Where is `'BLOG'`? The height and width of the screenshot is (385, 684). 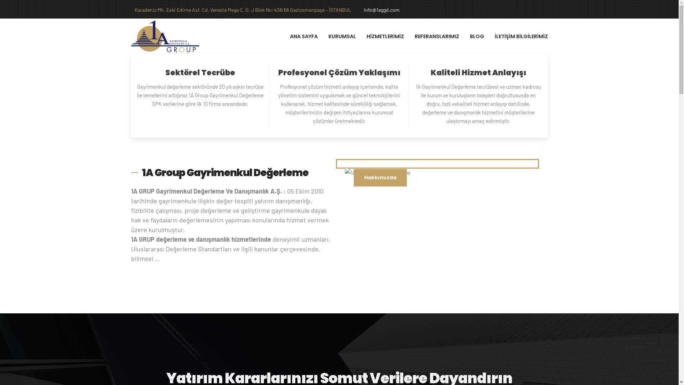 'BLOG' is located at coordinates (477, 36).